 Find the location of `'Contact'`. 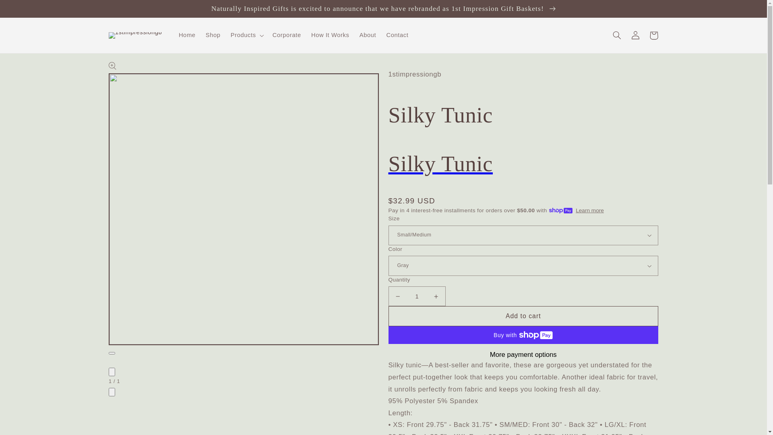

'Contact' is located at coordinates (397, 35).